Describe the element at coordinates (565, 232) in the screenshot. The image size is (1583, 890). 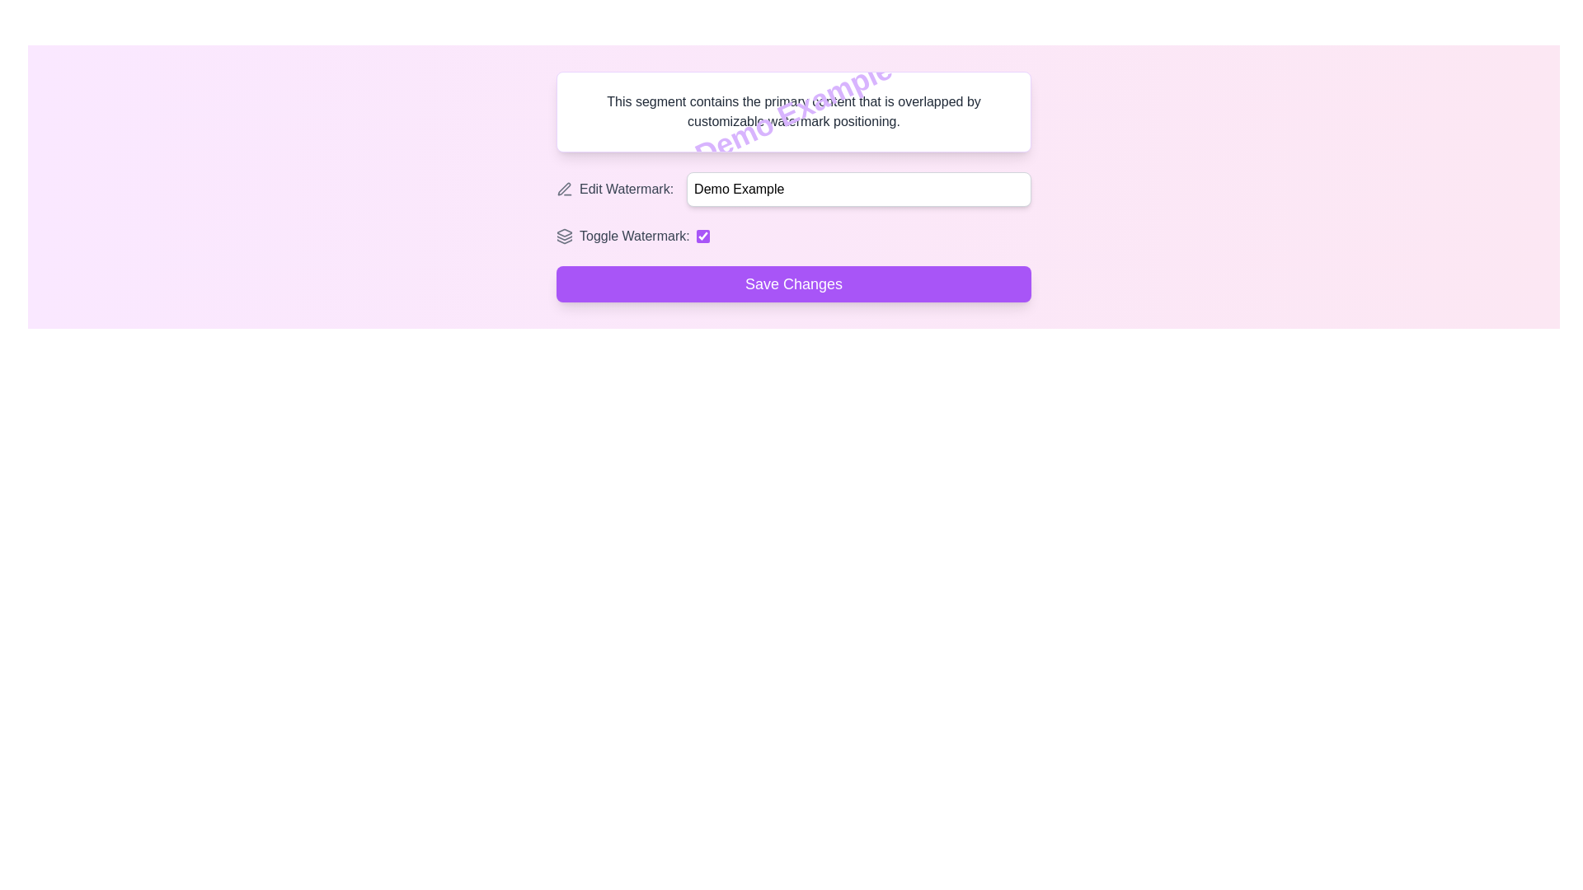
I see `the topmost layer icon in the SVG that represents layers or stacks, located in the top-right corner of the interface box` at that location.